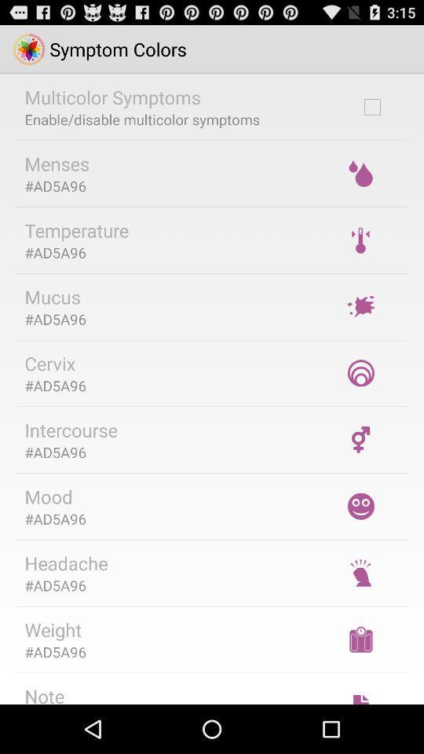 Image resolution: width=424 pixels, height=754 pixels. I want to click on weight, so click(53, 629).